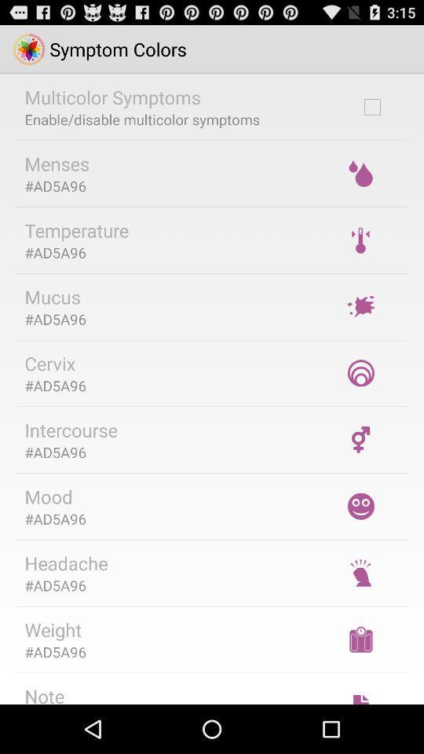 Image resolution: width=424 pixels, height=754 pixels. I want to click on weight, so click(53, 629).